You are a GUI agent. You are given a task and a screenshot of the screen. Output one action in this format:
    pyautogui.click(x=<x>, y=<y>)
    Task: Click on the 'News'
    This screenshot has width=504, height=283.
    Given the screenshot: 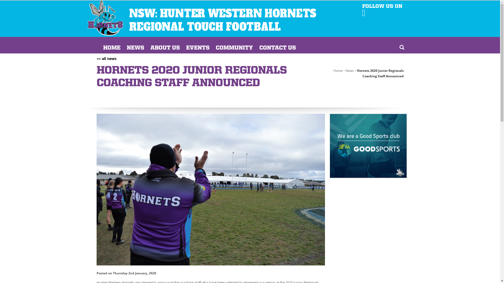 What is the action you would take?
    pyautogui.click(x=349, y=70)
    